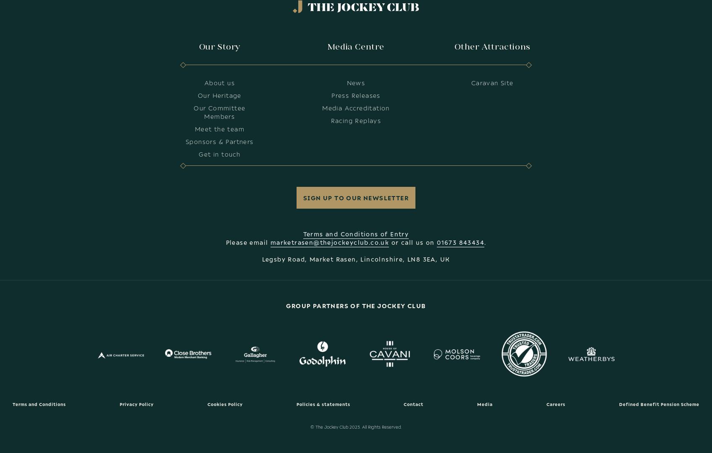 Image resolution: width=712 pixels, height=453 pixels. What do you see at coordinates (556, 403) in the screenshot?
I see `'Careers'` at bounding box center [556, 403].